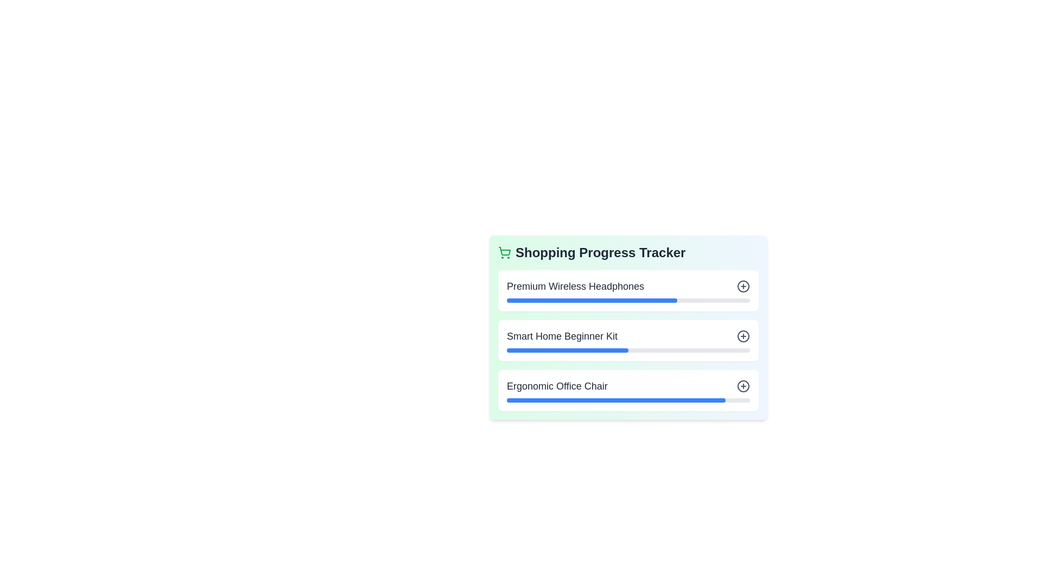  Describe the element at coordinates (575, 286) in the screenshot. I see `the Text Label displaying 'Premium Wireless Headphones', which is positioned at the top of the grouped list under 'Shopping Progress Tracker'` at that location.